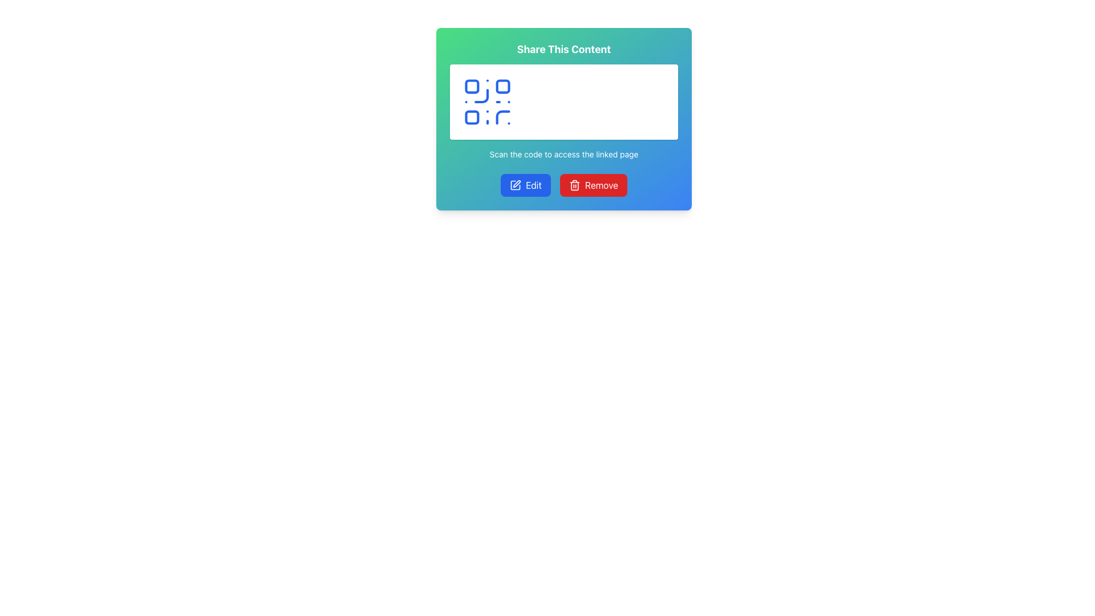 The image size is (1095, 616). I want to click on the delete icon located within the red 'Remove' button at the bottom-right of the 'Share This Content' dialog box, so click(575, 184).